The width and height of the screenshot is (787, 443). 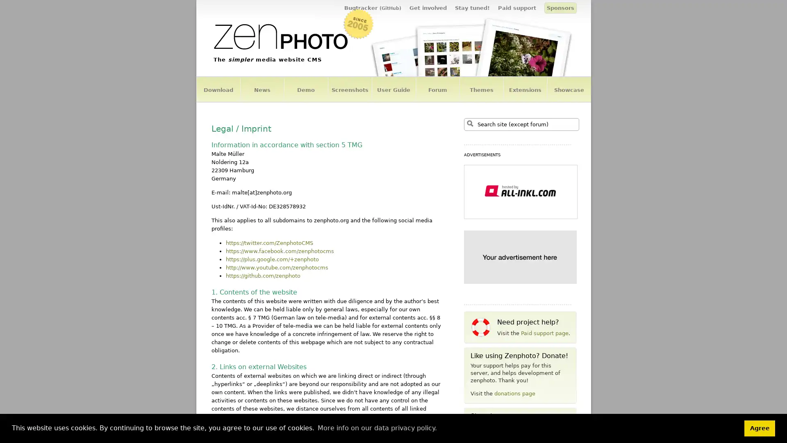 What do you see at coordinates (759, 428) in the screenshot?
I see `dismiss cookie message` at bounding box center [759, 428].